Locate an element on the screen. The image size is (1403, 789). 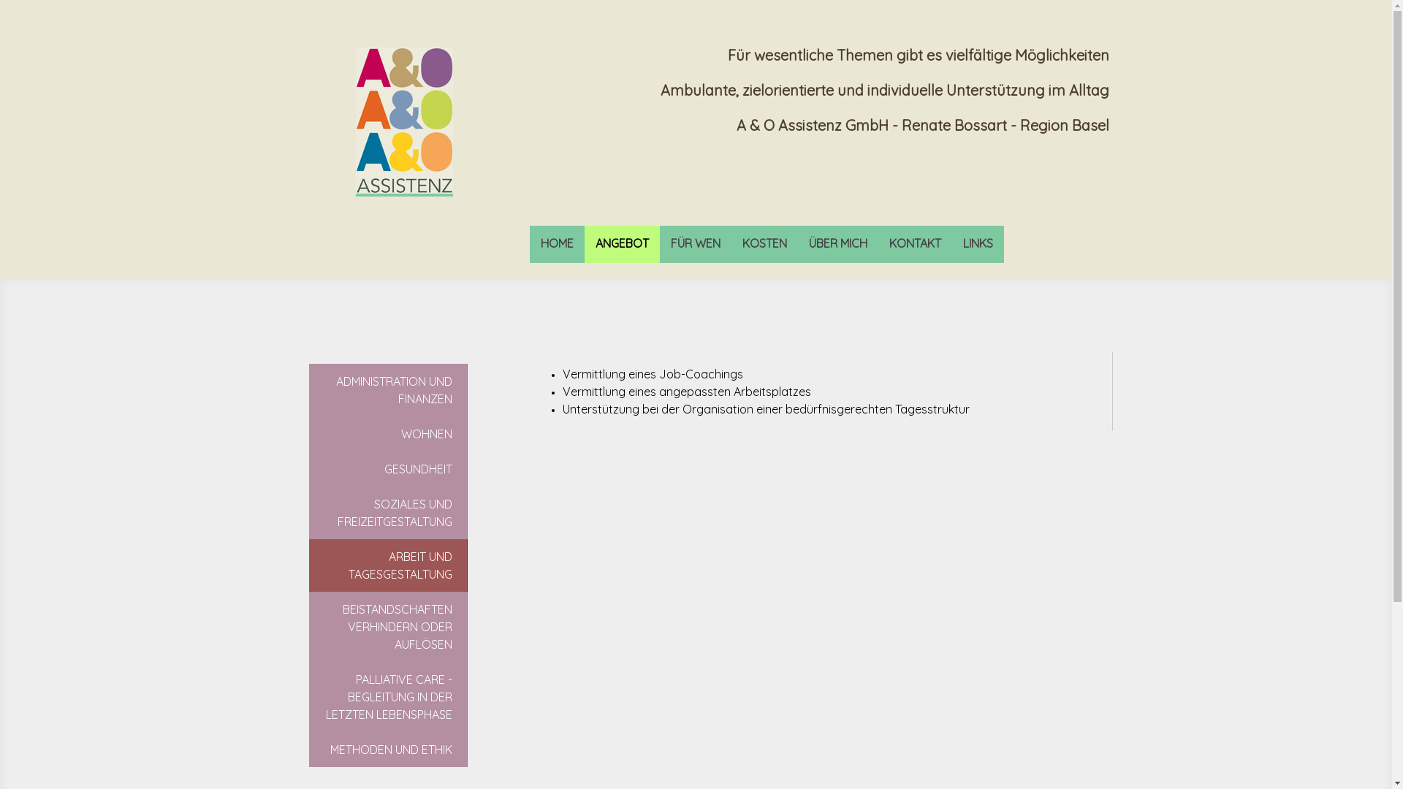
'KOSTEN' is located at coordinates (763, 243).